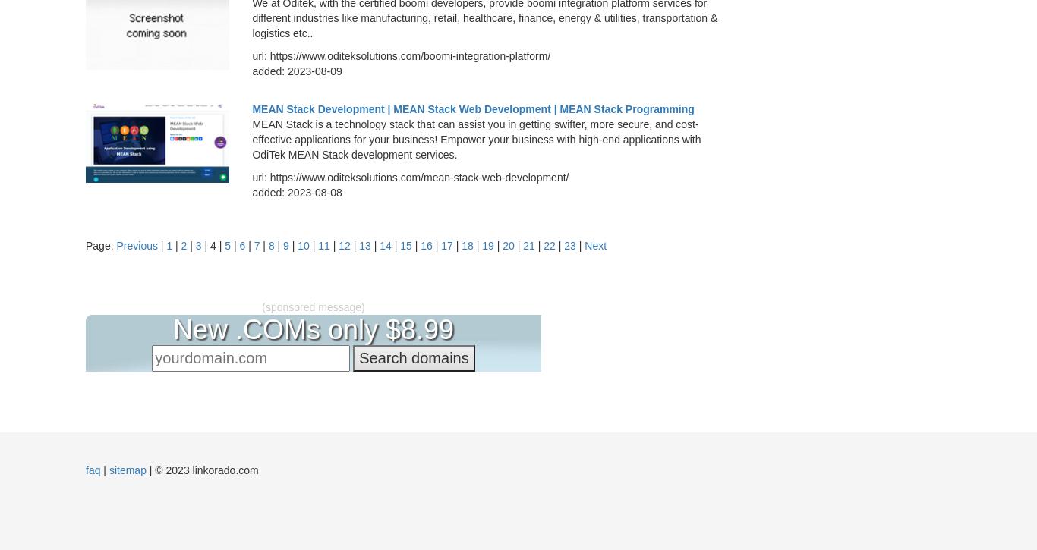 This screenshot has height=550, width=1037. Describe the element at coordinates (256, 246) in the screenshot. I see `'7'` at that location.